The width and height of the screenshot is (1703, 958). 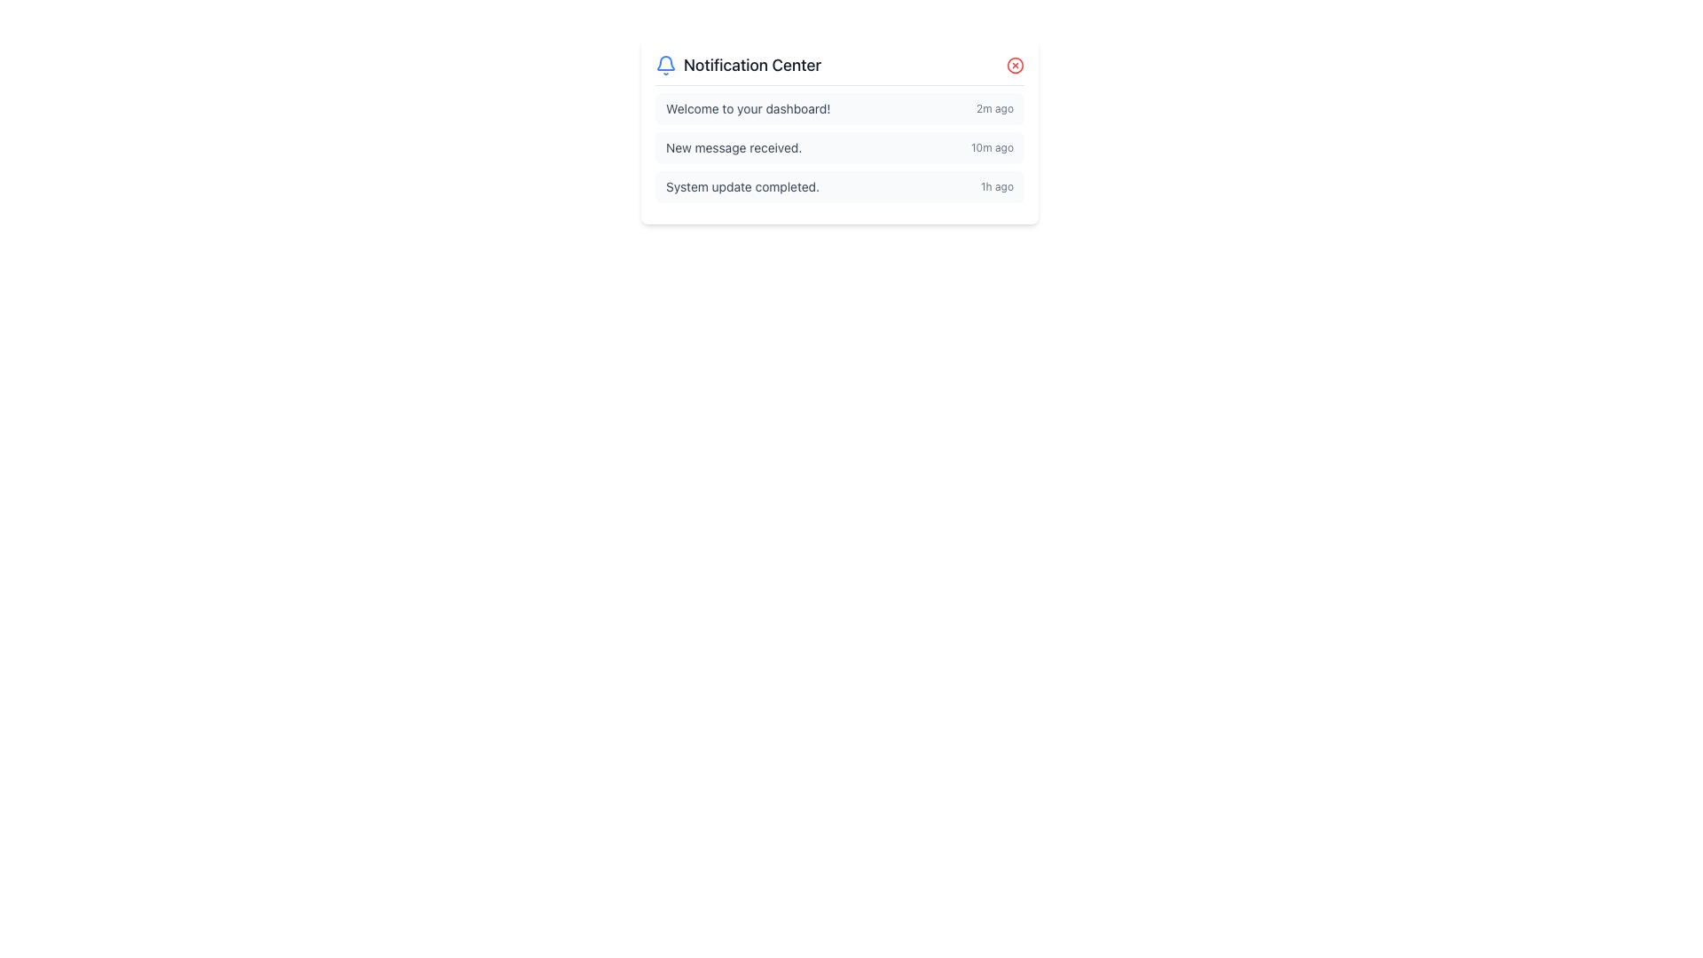 I want to click on the static text displaying the new message notification, positioned second in the list under 'Notification Center', so click(x=734, y=146).